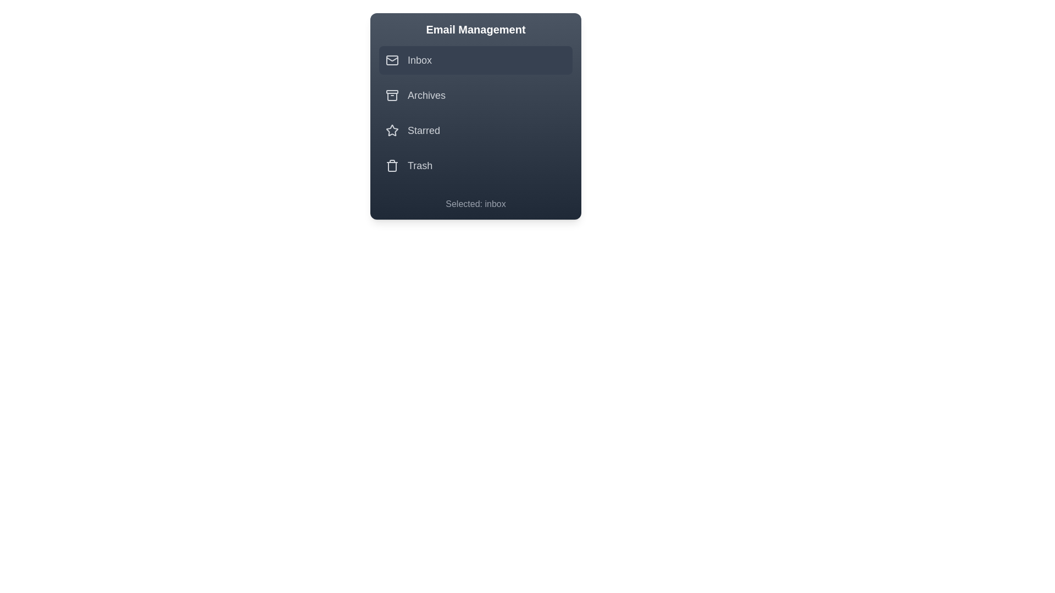 The height and width of the screenshot is (593, 1055). I want to click on the category Archives by clicking its button, so click(475, 94).